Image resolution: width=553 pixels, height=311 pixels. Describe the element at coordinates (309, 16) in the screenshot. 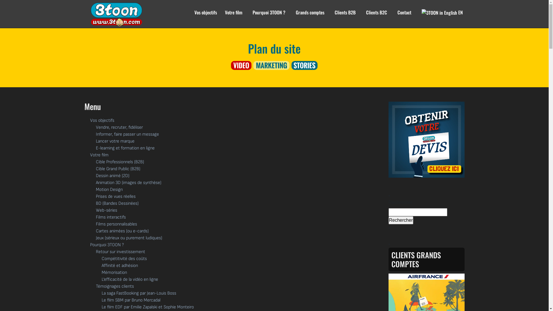

I see `'Grands comptes'` at that location.